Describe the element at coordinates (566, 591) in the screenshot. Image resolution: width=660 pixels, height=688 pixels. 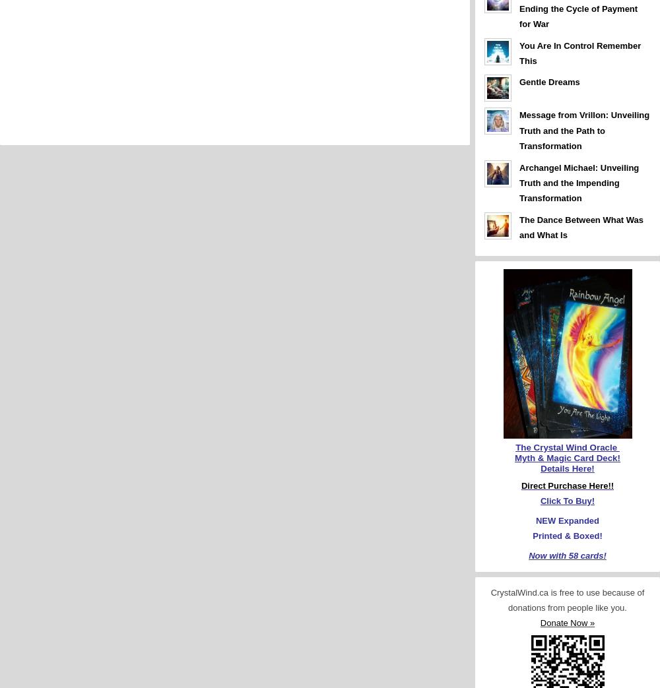
I see `'CrystalWind.ca is free to use because of'` at that location.